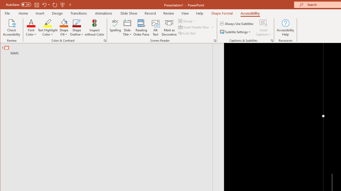 The width and height of the screenshot is (341, 191). Describe the element at coordinates (95, 28) in the screenshot. I see `'Inspect without Color'` at that location.